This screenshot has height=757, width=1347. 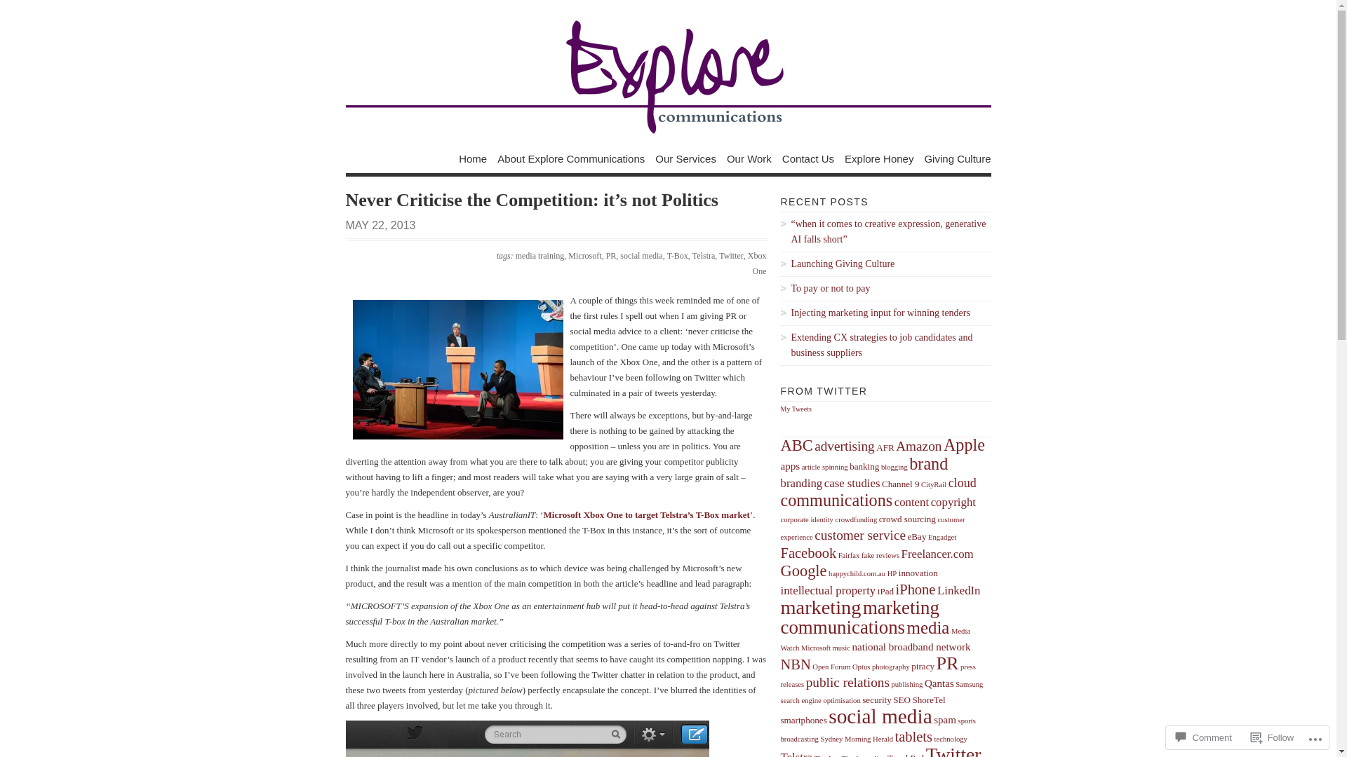 What do you see at coordinates (928, 536) in the screenshot?
I see `'Engadget'` at bounding box center [928, 536].